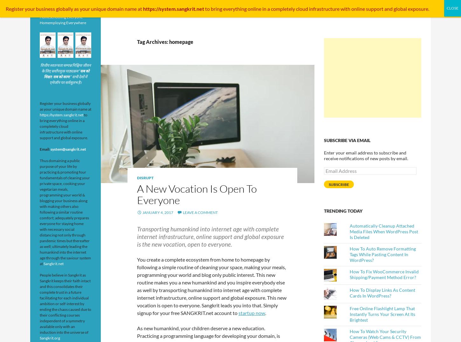  I want to click on 'How To Fix WooCommerce Invalid Shipping/Payment Method Error?', so click(384, 274).